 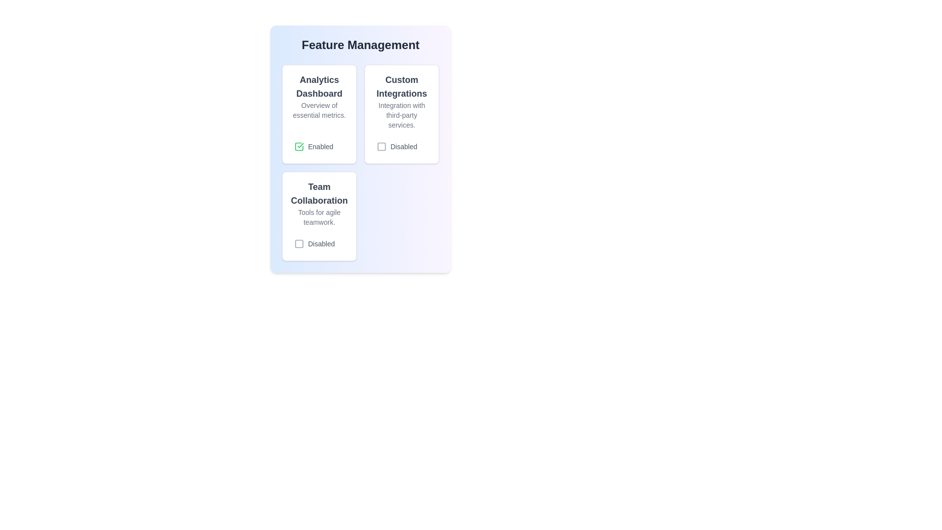 I want to click on the square checkbox labeled 'Disabled', so click(x=397, y=147).